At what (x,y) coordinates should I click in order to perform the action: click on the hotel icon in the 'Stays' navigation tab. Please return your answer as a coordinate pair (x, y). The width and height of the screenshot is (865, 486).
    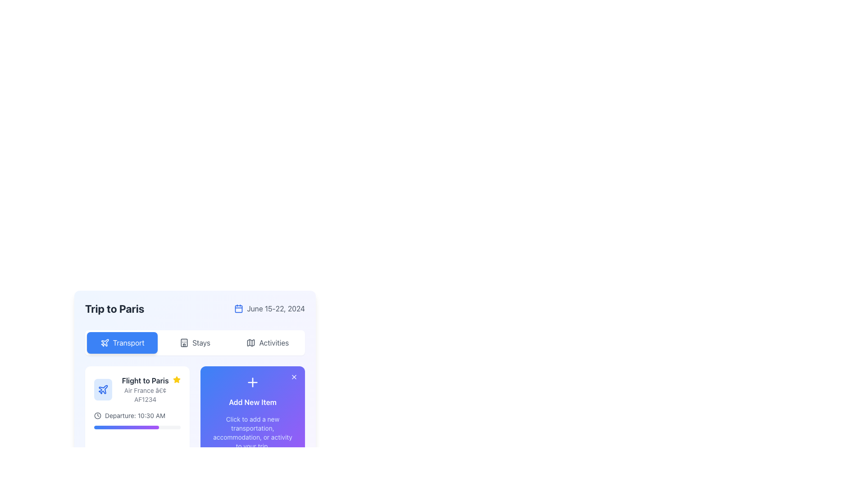
    Looking at the image, I should click on (184, 343).